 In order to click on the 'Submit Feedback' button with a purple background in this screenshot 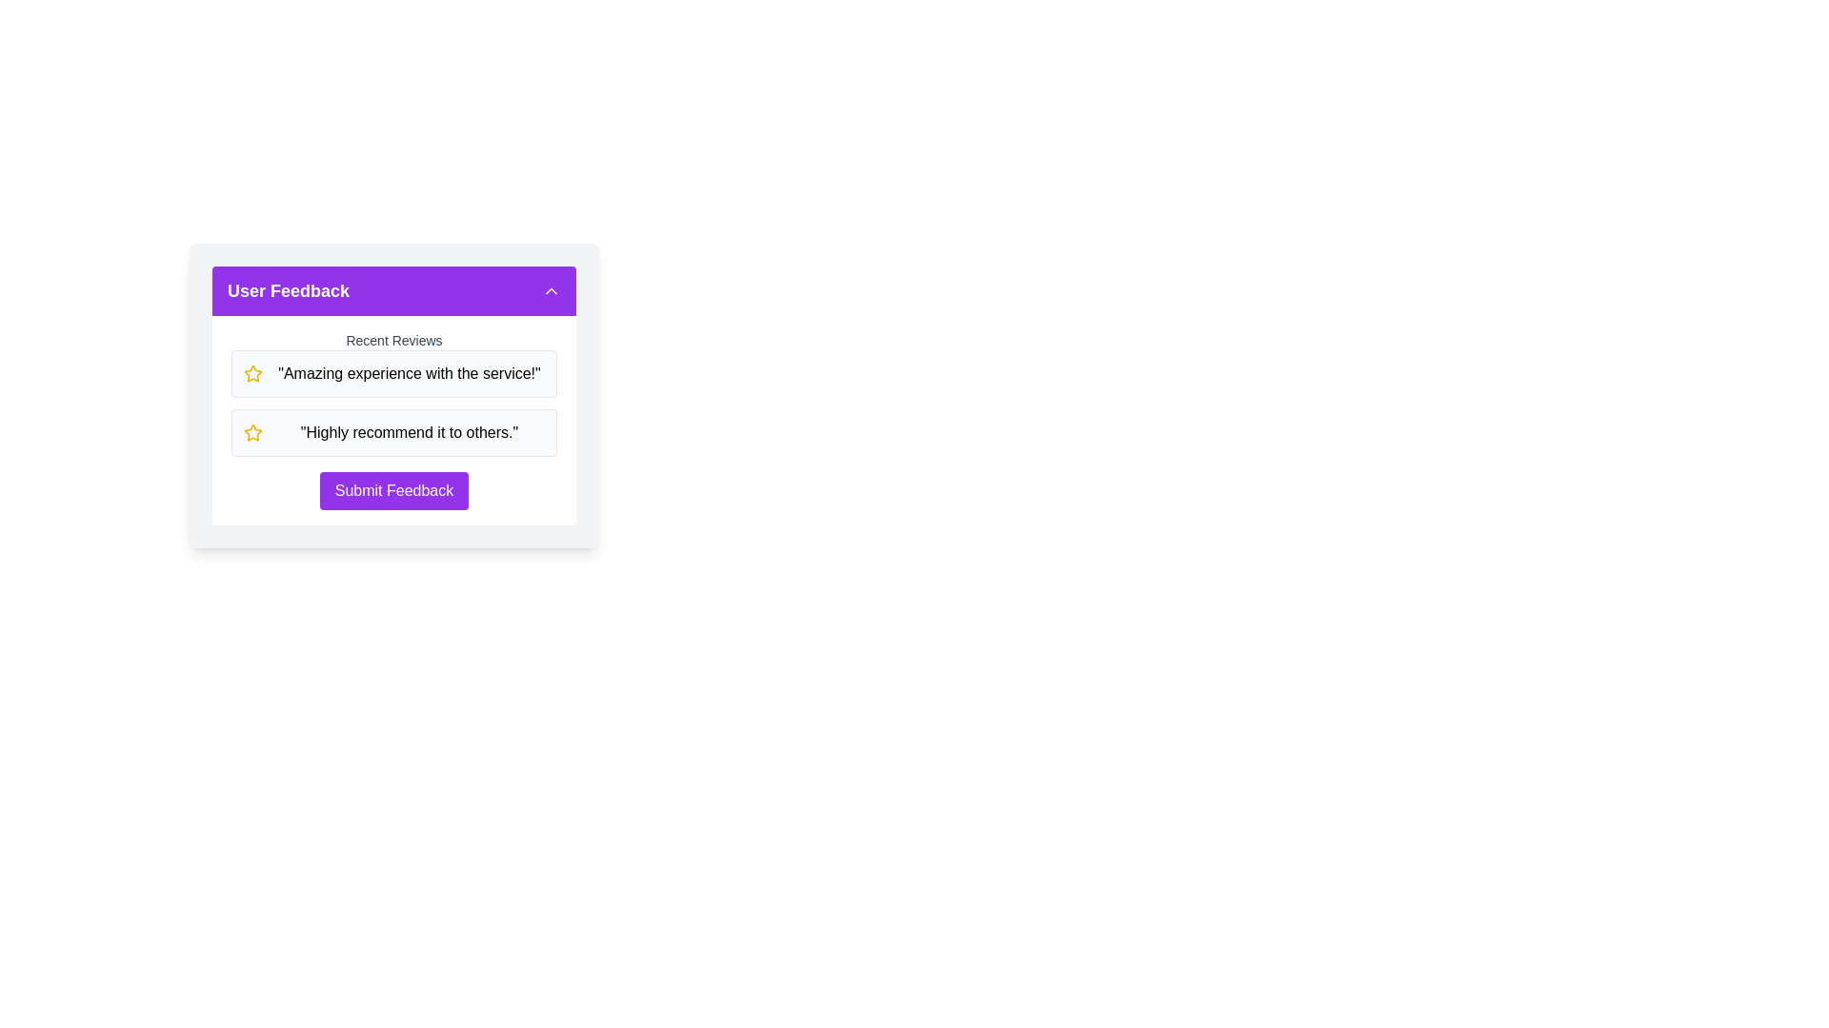, I will do `click(392, 490)`.